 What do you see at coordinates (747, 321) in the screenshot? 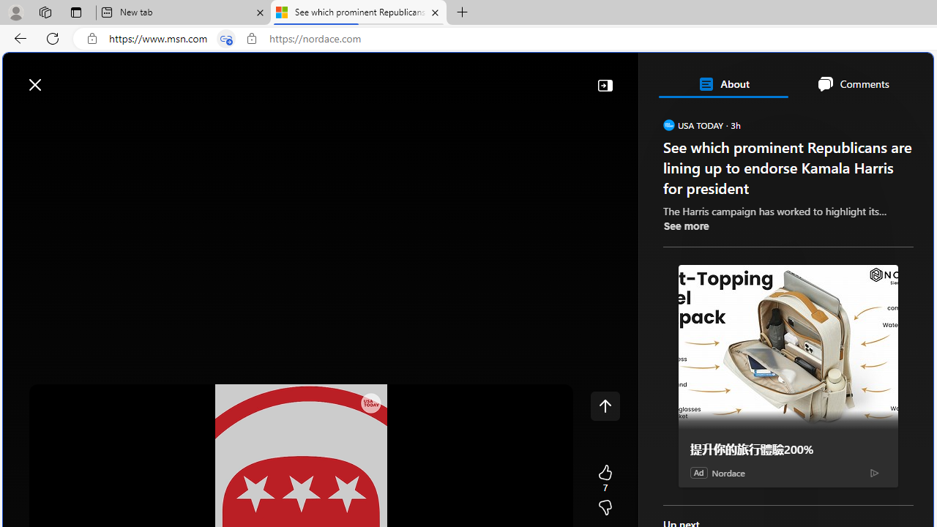
I see `'The Seeing Eye'` at bounding box center [747, 321].